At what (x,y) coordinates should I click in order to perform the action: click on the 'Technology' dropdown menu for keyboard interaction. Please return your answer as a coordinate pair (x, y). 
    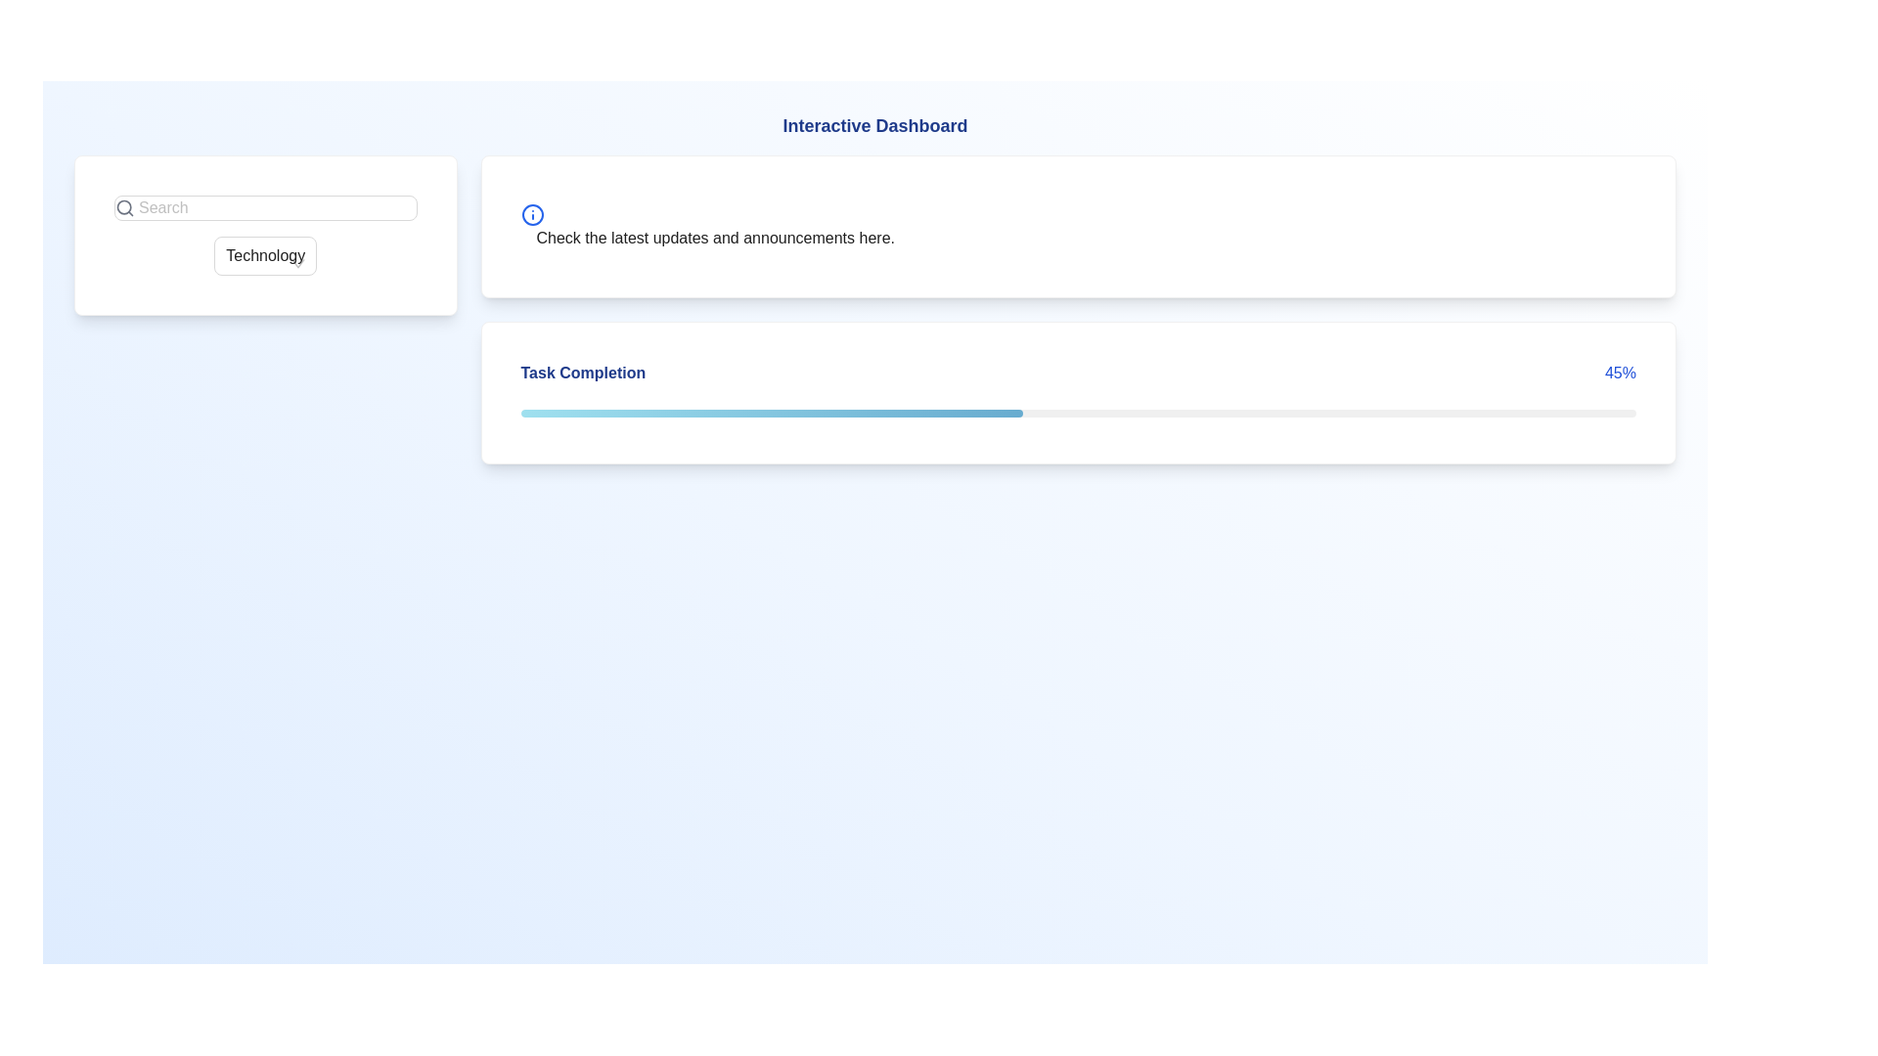
    Looking at the image, I should click on (263, 255).